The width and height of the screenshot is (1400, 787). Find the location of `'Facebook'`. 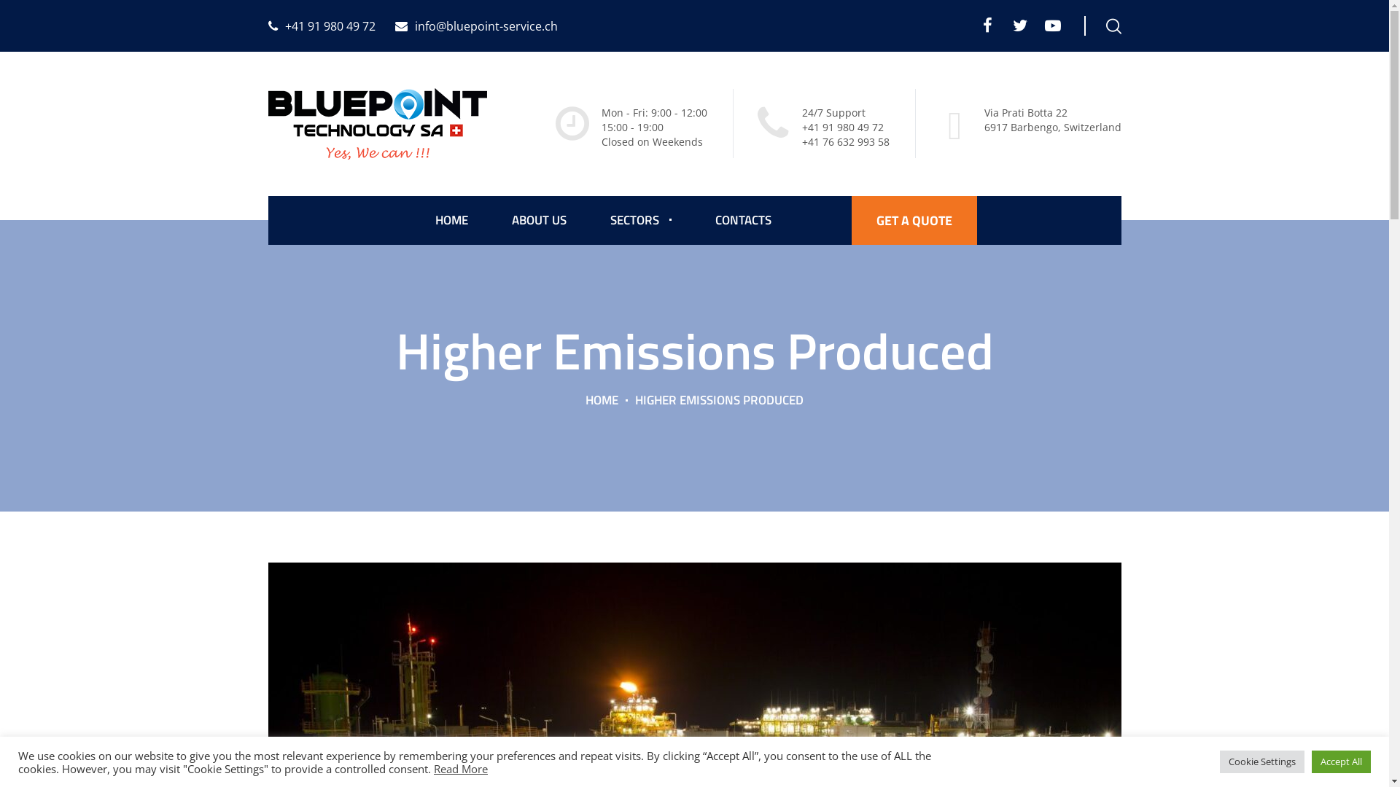

'Facebook' is located at coordinates (979, 25).